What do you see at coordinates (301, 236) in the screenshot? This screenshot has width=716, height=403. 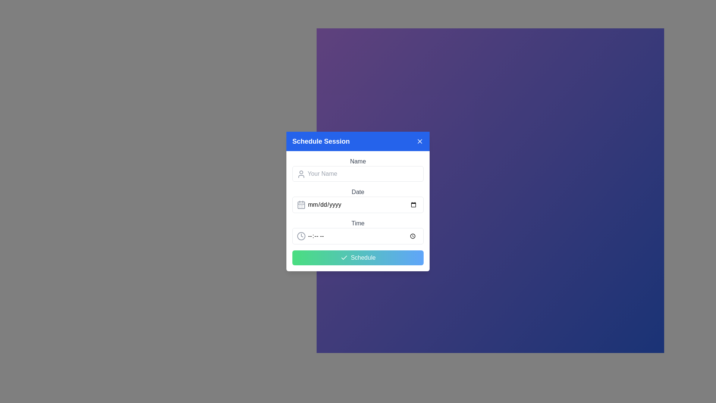 I see `the decorative SVG circular outline element that is part of the clock icon in the 'Schedule Session' dialog, adjacent to the time input field placeholder '--:-- --'` at bounding box center [301, 236].